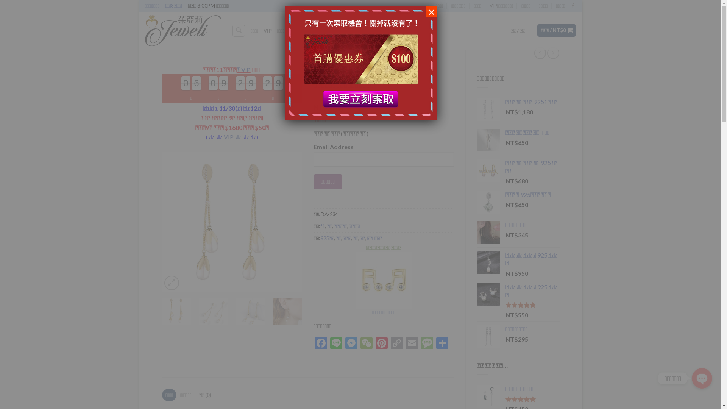  I want to click on 'Facebook', so click(321, 343).